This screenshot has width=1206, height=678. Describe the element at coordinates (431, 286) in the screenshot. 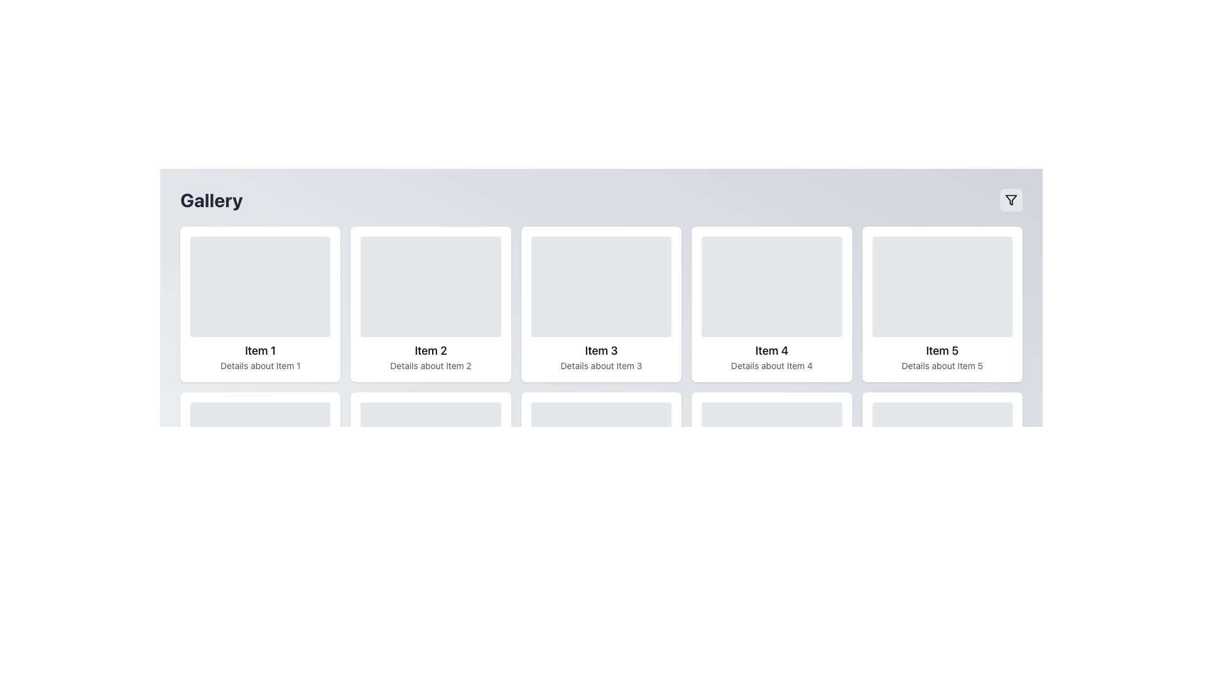

I see `the placeholder component in the 'Item 2' card to perform related actions` at that location.